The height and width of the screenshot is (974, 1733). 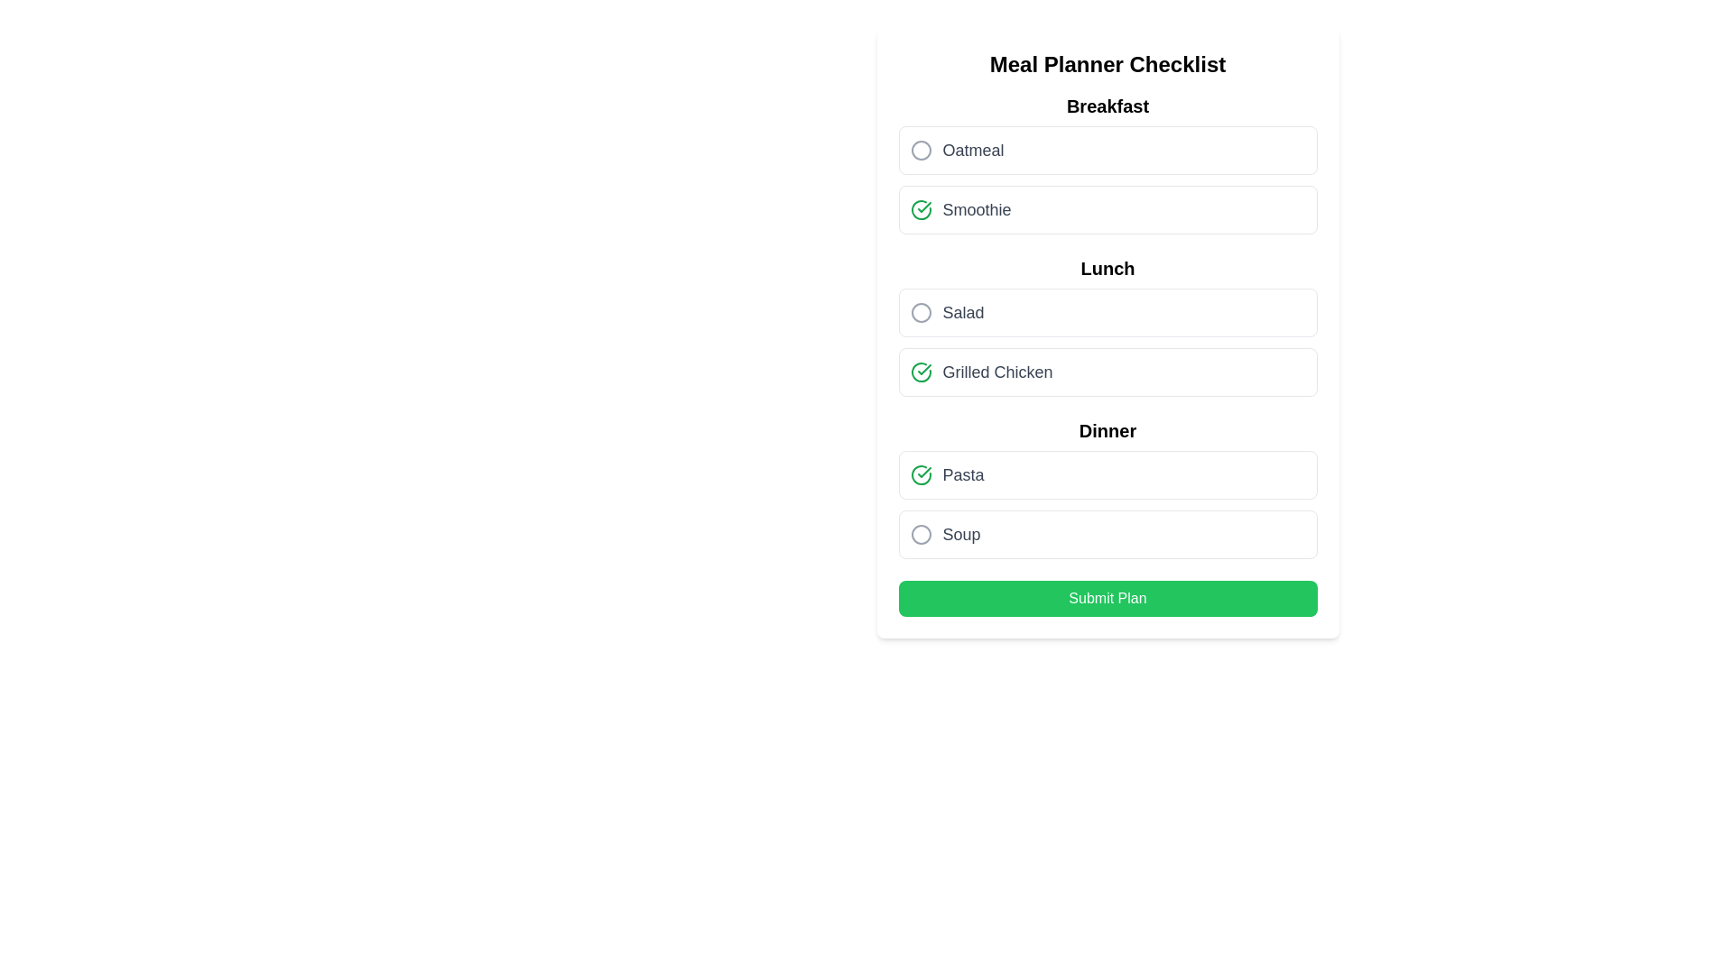 What do you see at coordinates (1107, 326) in the screenshot?
I see `the meal selection checklist component located centrally within the Meal Planner Checklist to trigger a visual response` at bounding box center [1107, 326].